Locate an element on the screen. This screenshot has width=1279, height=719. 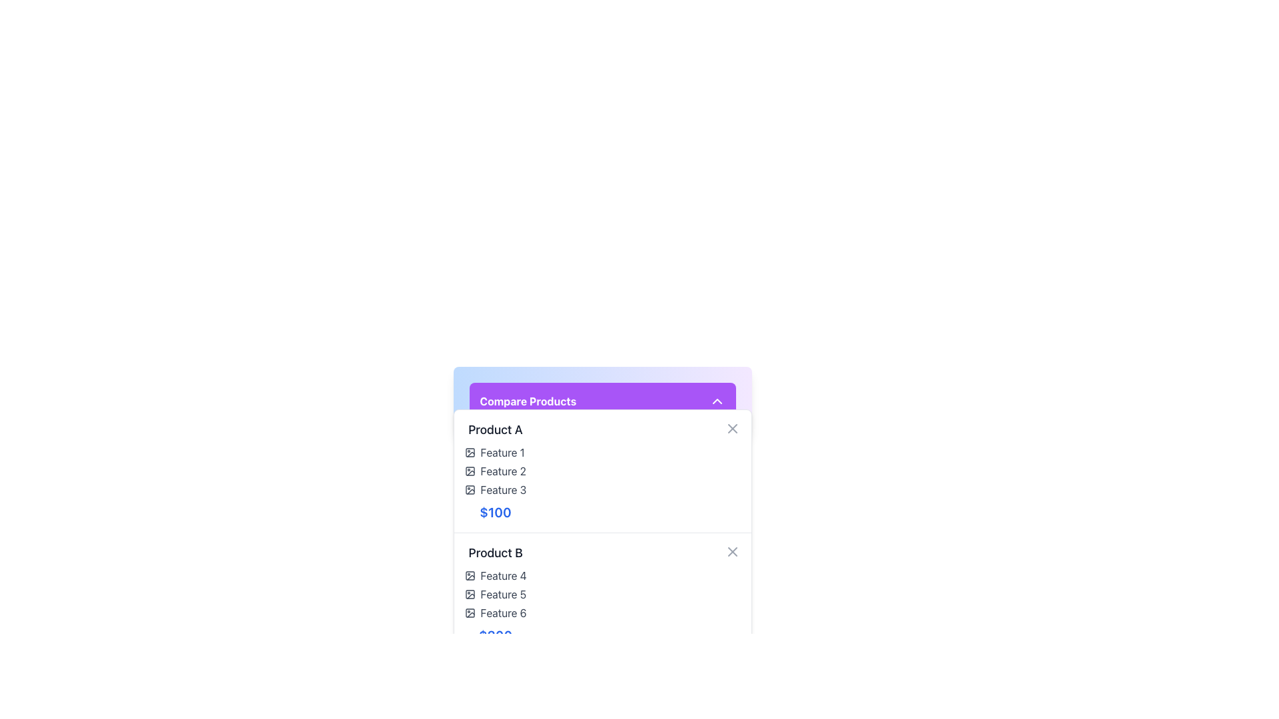
the photo icon located next to the text 'Feature 3', which has a rectangular outline and a circular shape inside it is located at coordinates (470, 490).